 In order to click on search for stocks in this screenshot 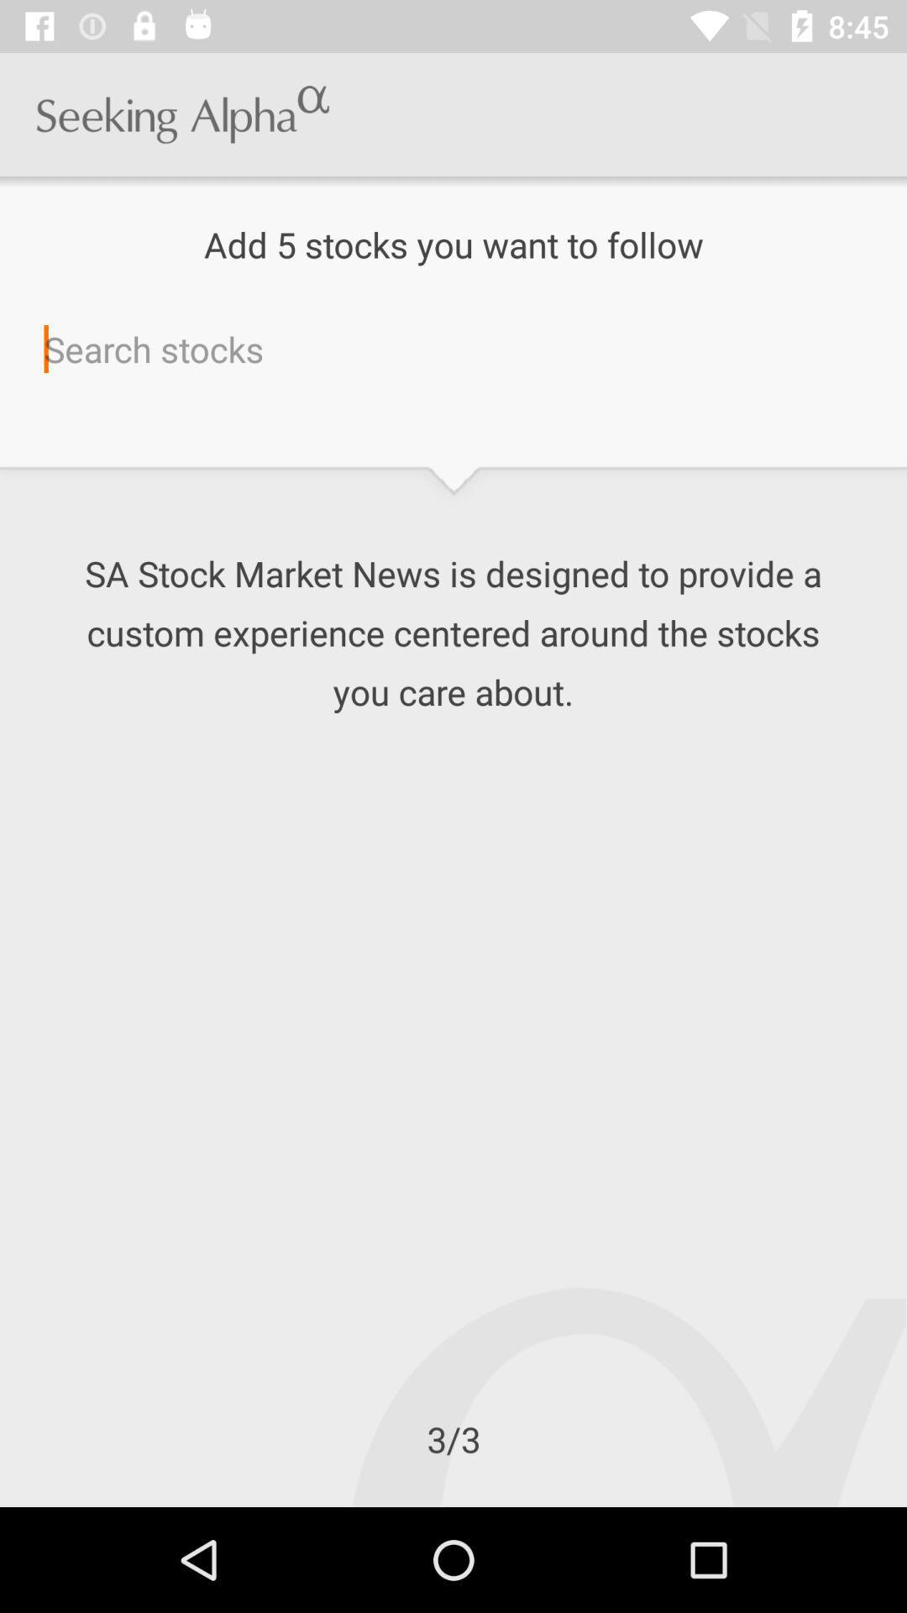, I will do `click(453, 348)`.